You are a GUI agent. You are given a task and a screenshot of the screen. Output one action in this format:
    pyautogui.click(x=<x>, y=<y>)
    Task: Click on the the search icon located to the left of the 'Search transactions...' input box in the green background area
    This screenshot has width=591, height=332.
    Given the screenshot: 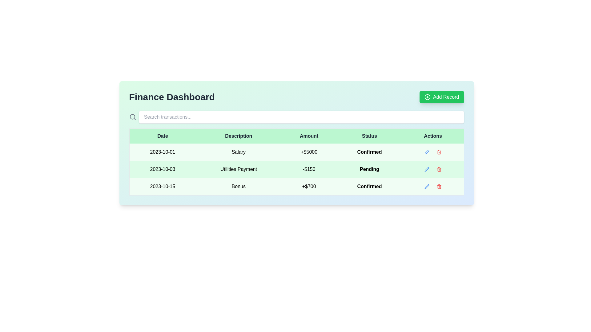 What is the action you would take?
    pyautogui.click(x=132, y=117)
    